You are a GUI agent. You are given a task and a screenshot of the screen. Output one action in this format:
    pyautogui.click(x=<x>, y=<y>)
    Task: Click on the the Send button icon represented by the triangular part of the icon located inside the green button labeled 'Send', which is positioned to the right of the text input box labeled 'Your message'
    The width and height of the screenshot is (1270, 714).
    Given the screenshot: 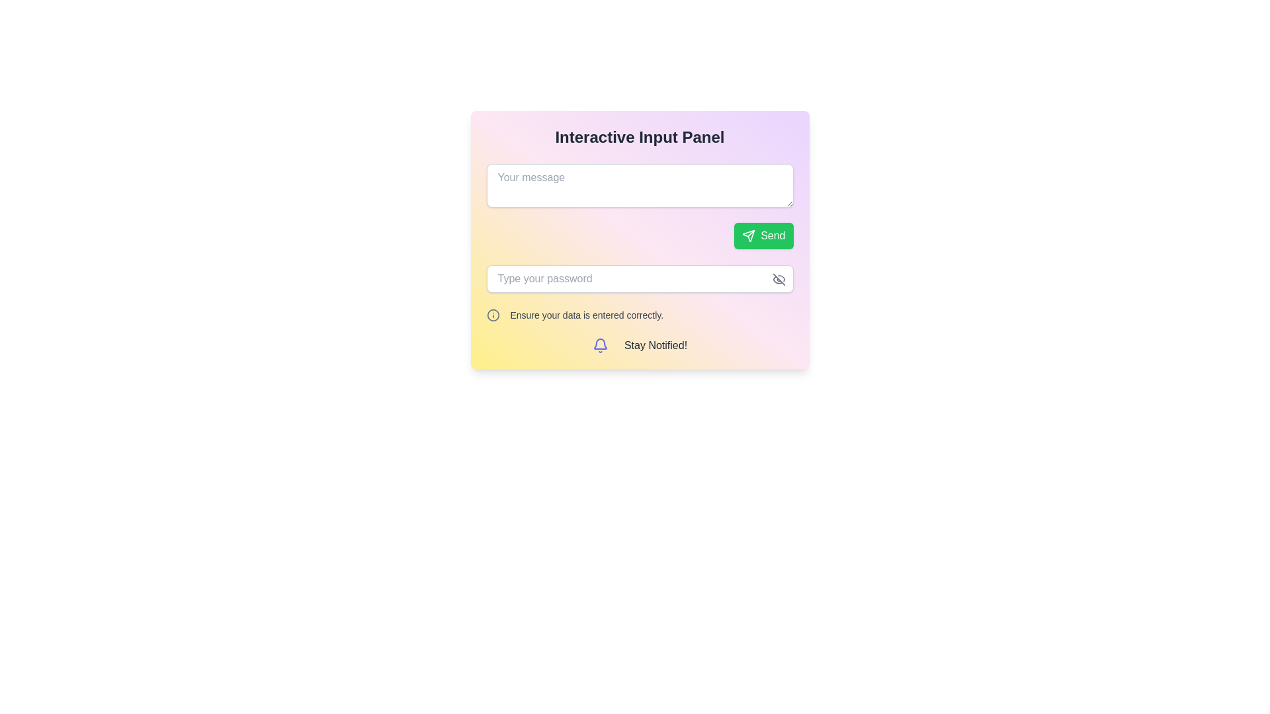 What is the action you would take?
    pyautogui.click(x=749, y=235)
    